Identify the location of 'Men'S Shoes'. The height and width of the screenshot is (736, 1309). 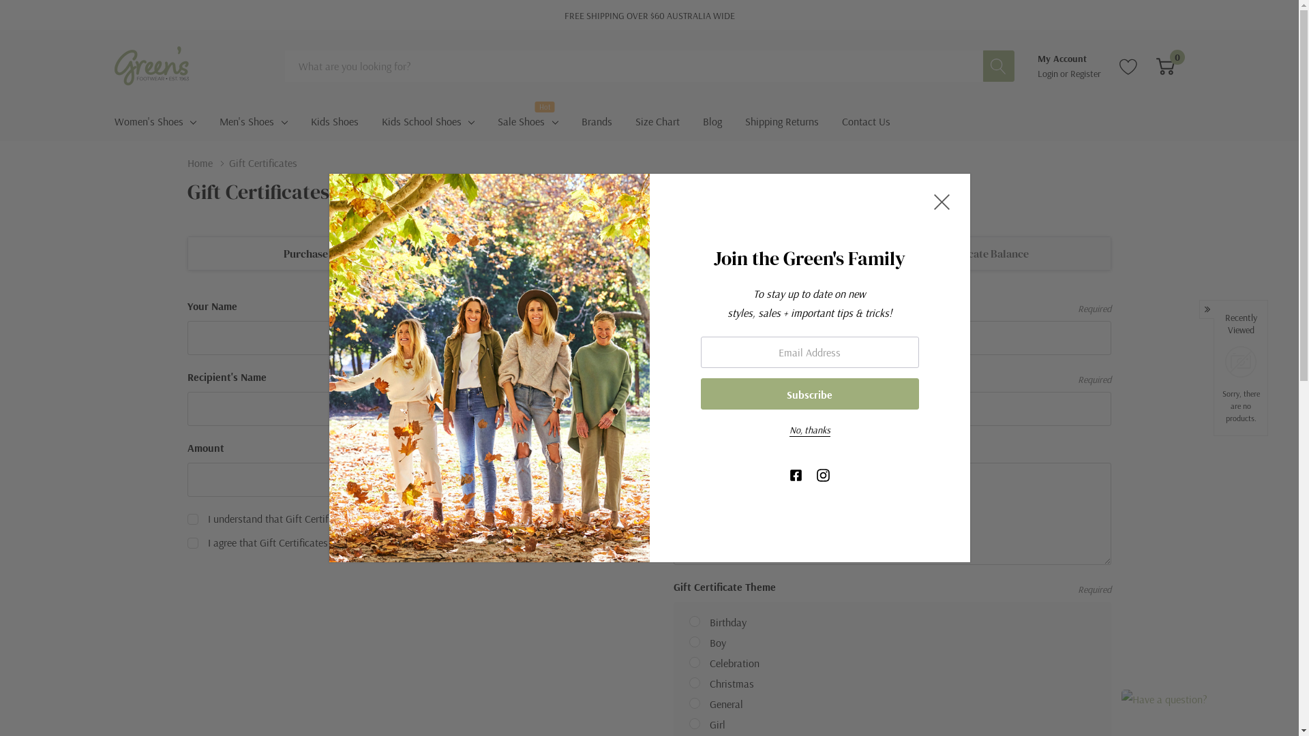
(246, 120).